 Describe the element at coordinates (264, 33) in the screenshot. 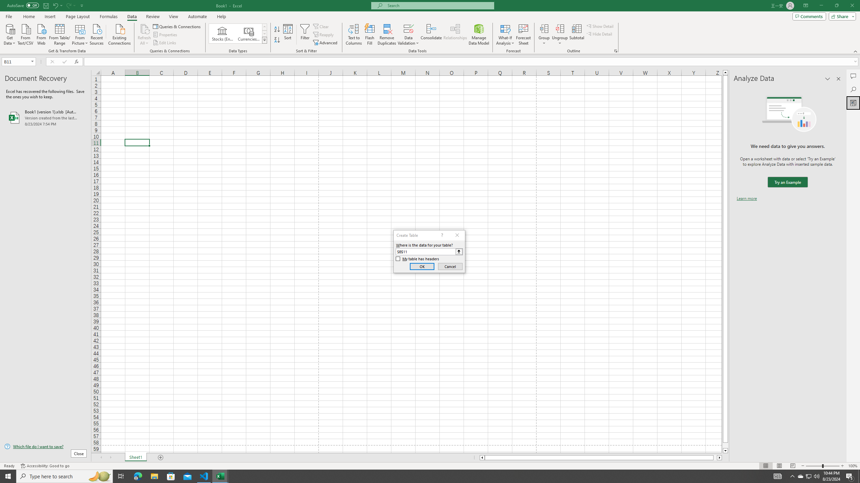

I see `'Row Down'` at that location.